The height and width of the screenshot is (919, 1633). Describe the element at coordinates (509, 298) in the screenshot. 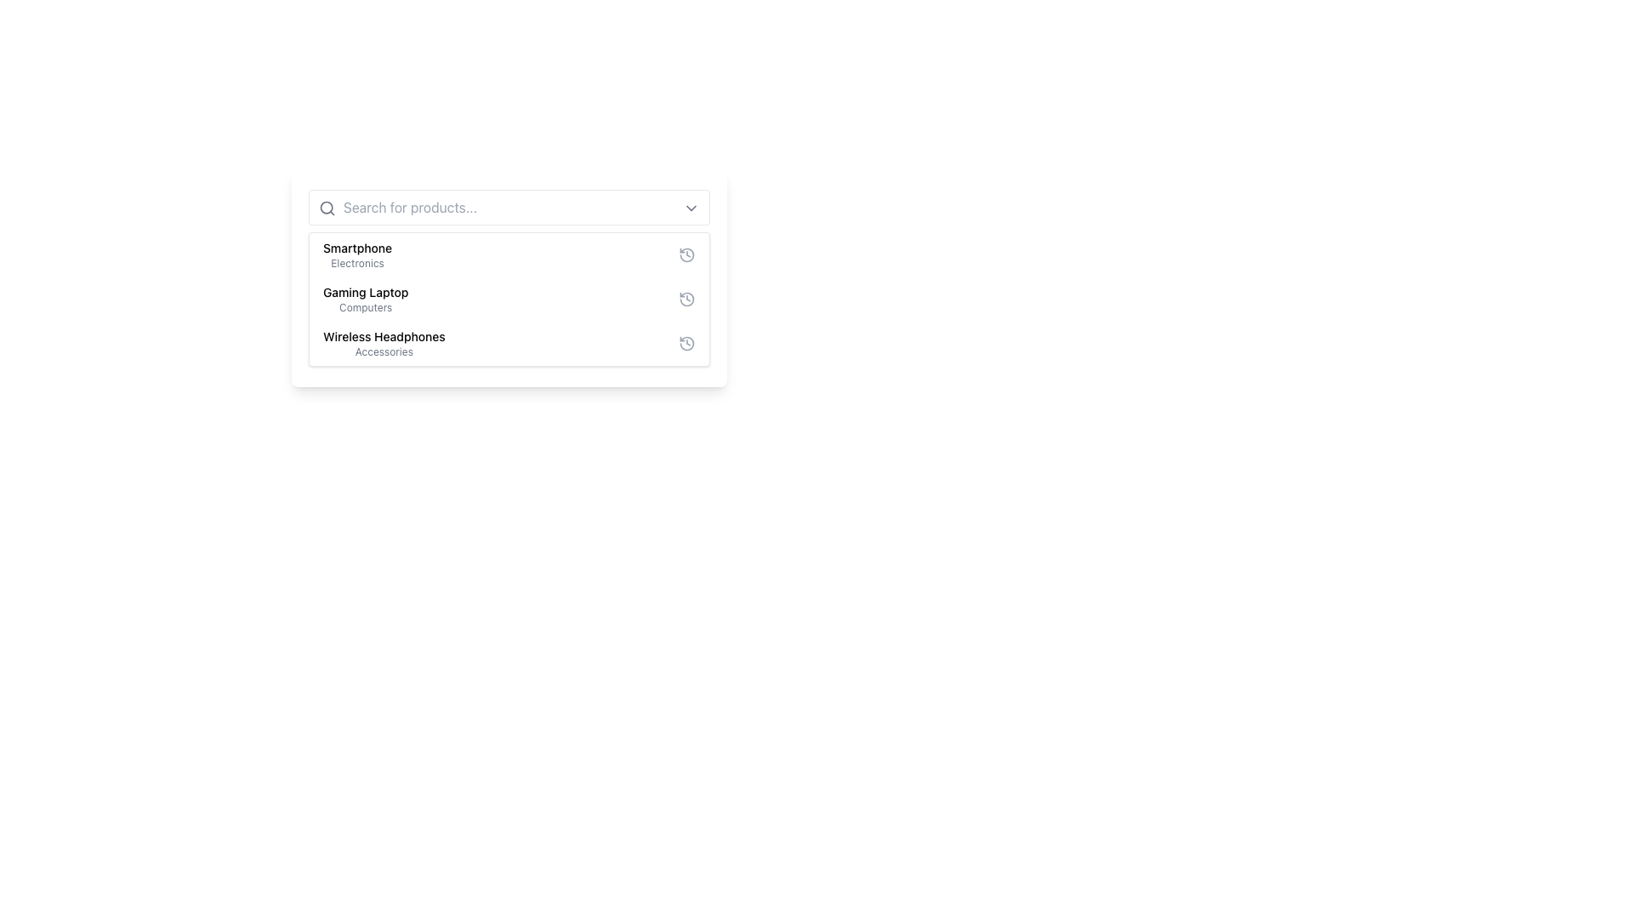

I see `the middle list entry, which has a white background, rounded corners, and contains a bold title with a subtitle` at that location.